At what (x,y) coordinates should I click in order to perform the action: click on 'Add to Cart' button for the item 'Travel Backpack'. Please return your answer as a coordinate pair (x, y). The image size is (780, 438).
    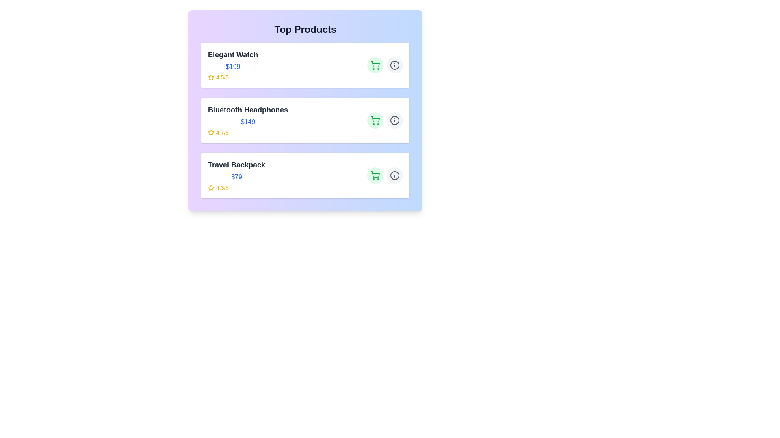
    Looking at the image, I should click on (375, 175).